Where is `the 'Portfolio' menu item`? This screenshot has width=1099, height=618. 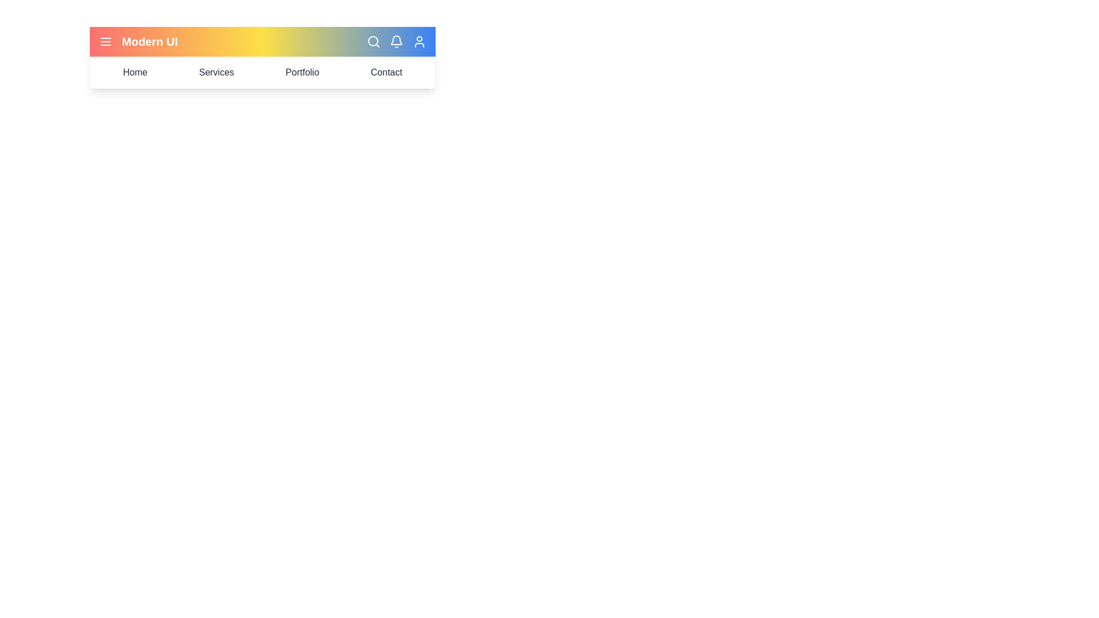 the 'Portfolio' menu item is located at coordinates (302, 73).